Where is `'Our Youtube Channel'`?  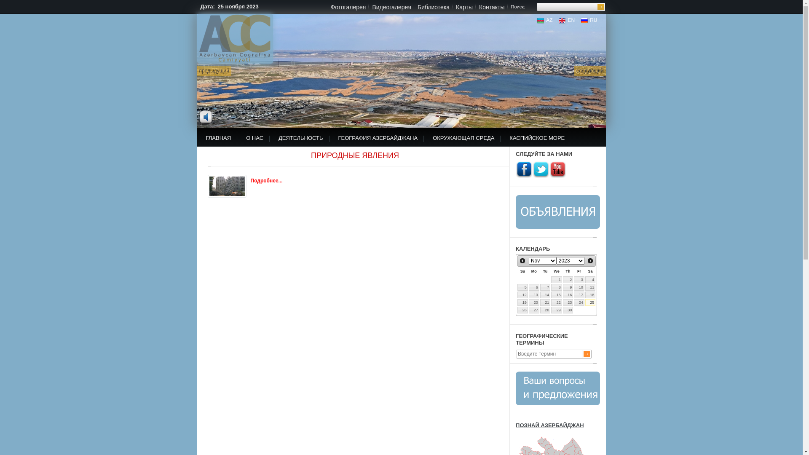 'Our Youtube Channel' is located at coordinates (549, 169).